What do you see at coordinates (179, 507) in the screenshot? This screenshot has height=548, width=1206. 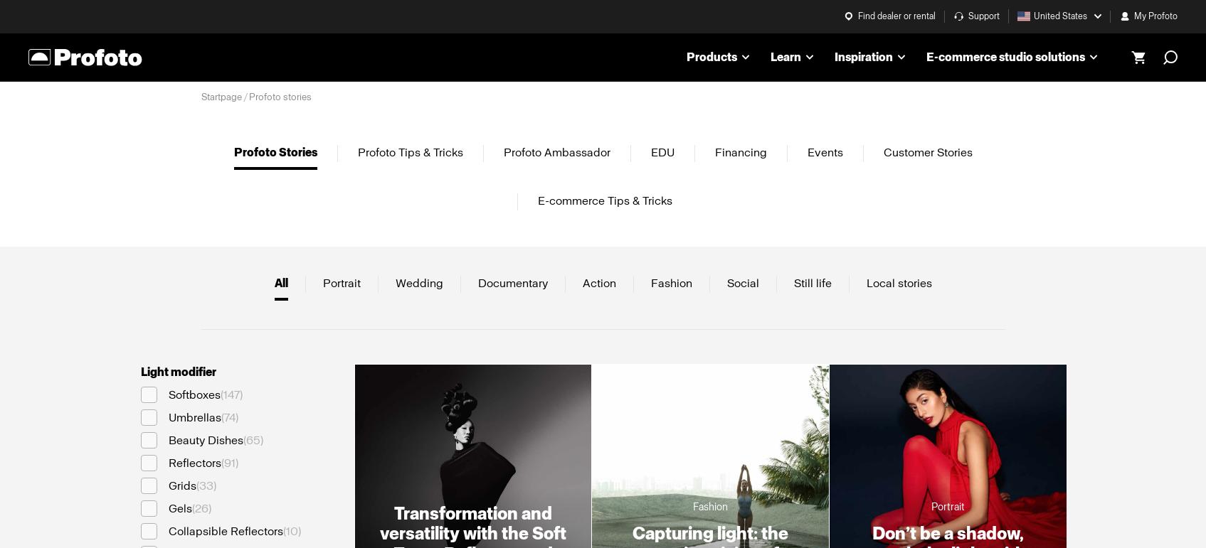 I see `'Gels'` at bounding box center [179, 507].